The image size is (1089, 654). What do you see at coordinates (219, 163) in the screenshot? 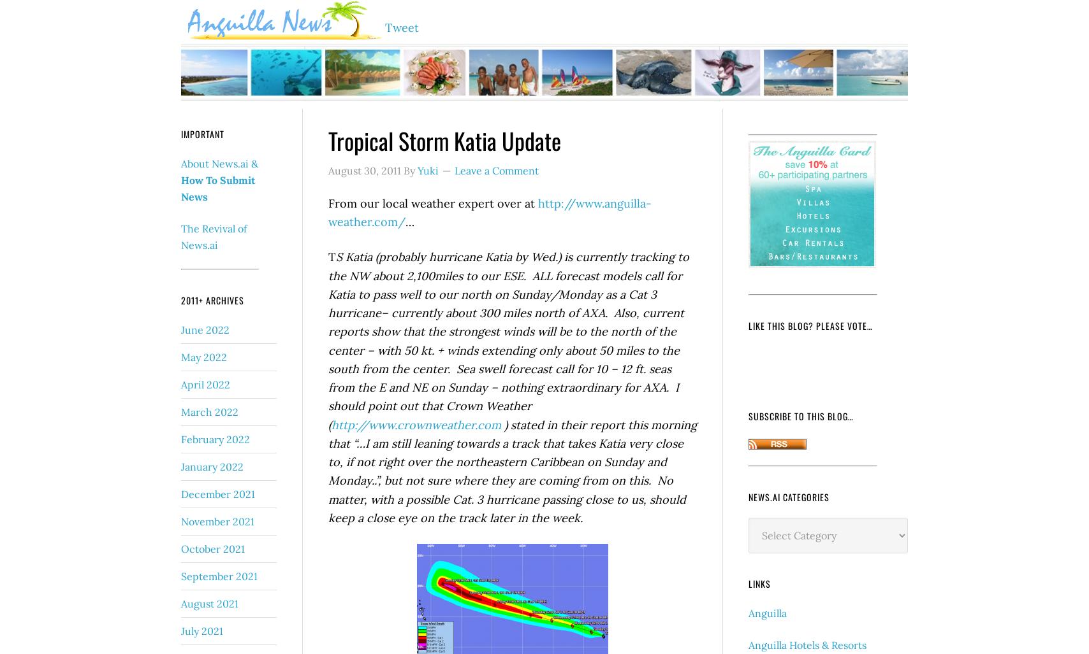
I see `'About News.ai &'` at bounding box center [219, 163].